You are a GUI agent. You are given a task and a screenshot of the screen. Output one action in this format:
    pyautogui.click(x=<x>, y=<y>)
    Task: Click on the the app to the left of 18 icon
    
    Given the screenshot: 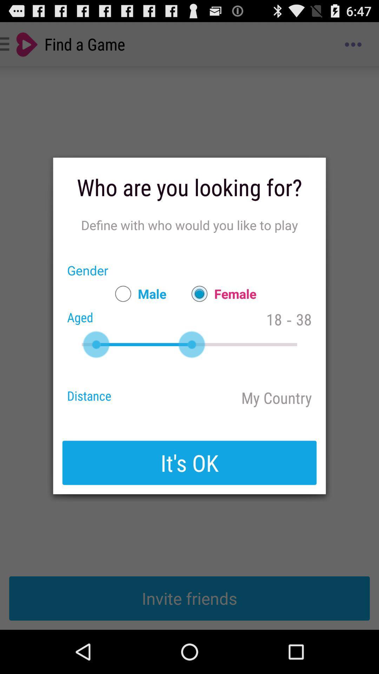 What is the action you would take?
    pyautogui.click(x=220, y=293)
    